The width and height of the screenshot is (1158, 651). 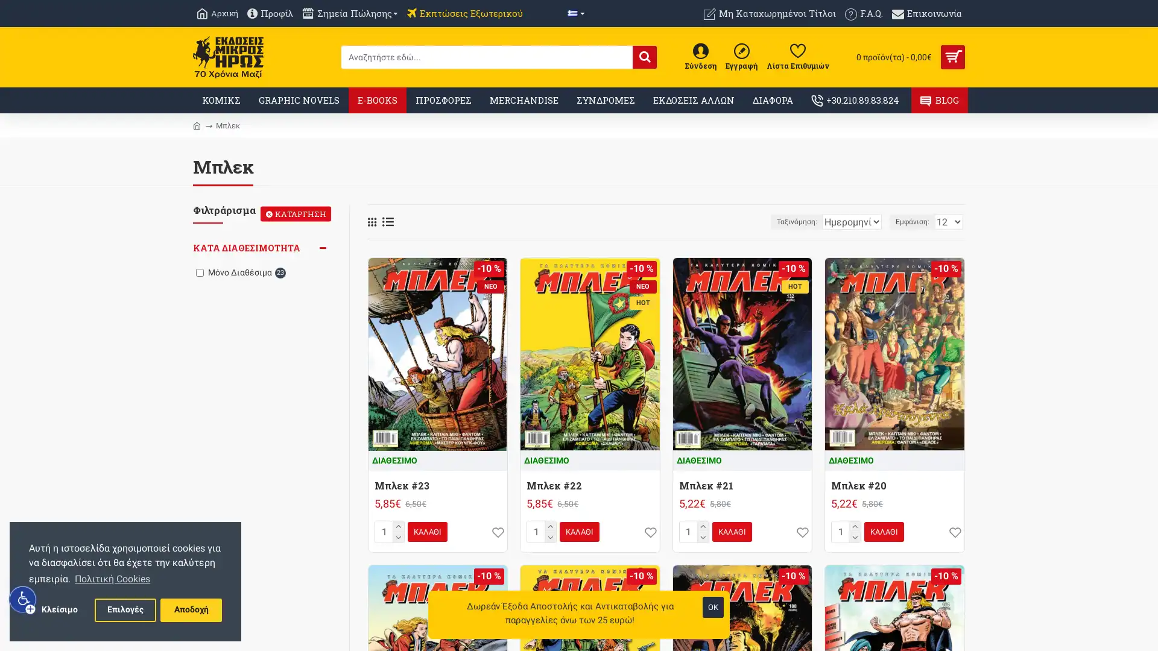 I want to click on OK, so click(x=713, y=607).